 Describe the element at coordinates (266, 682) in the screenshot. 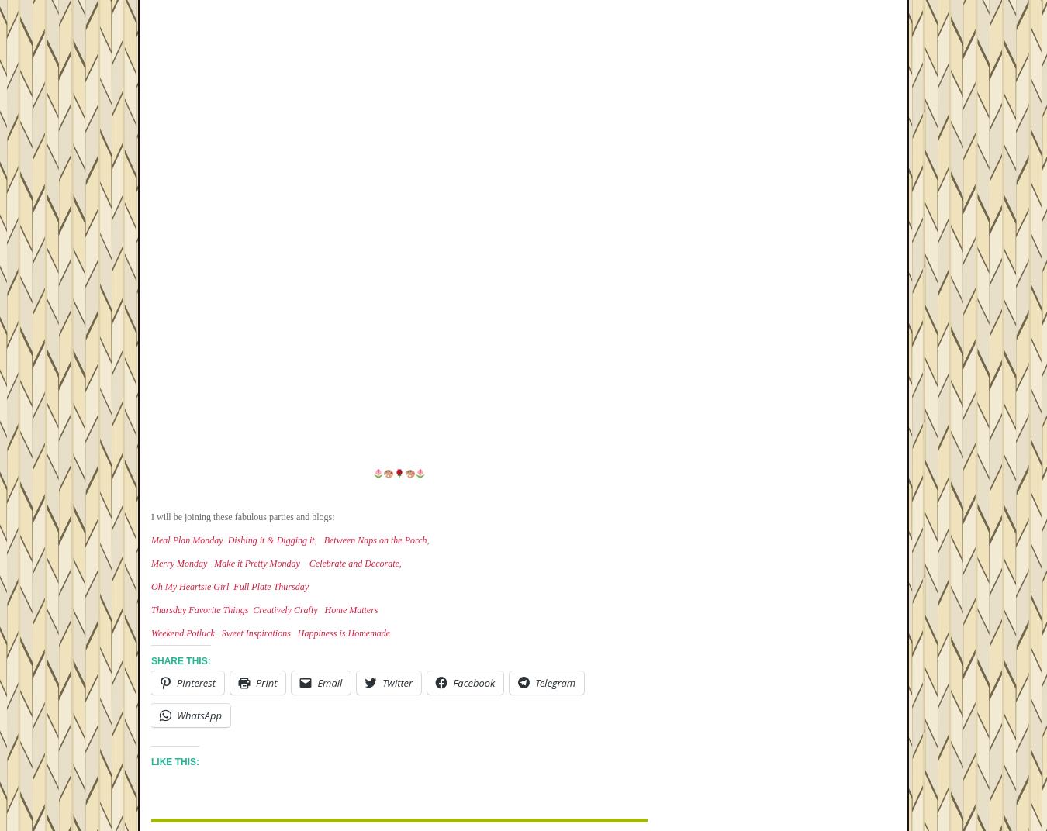

I see `'Print'` at that location.